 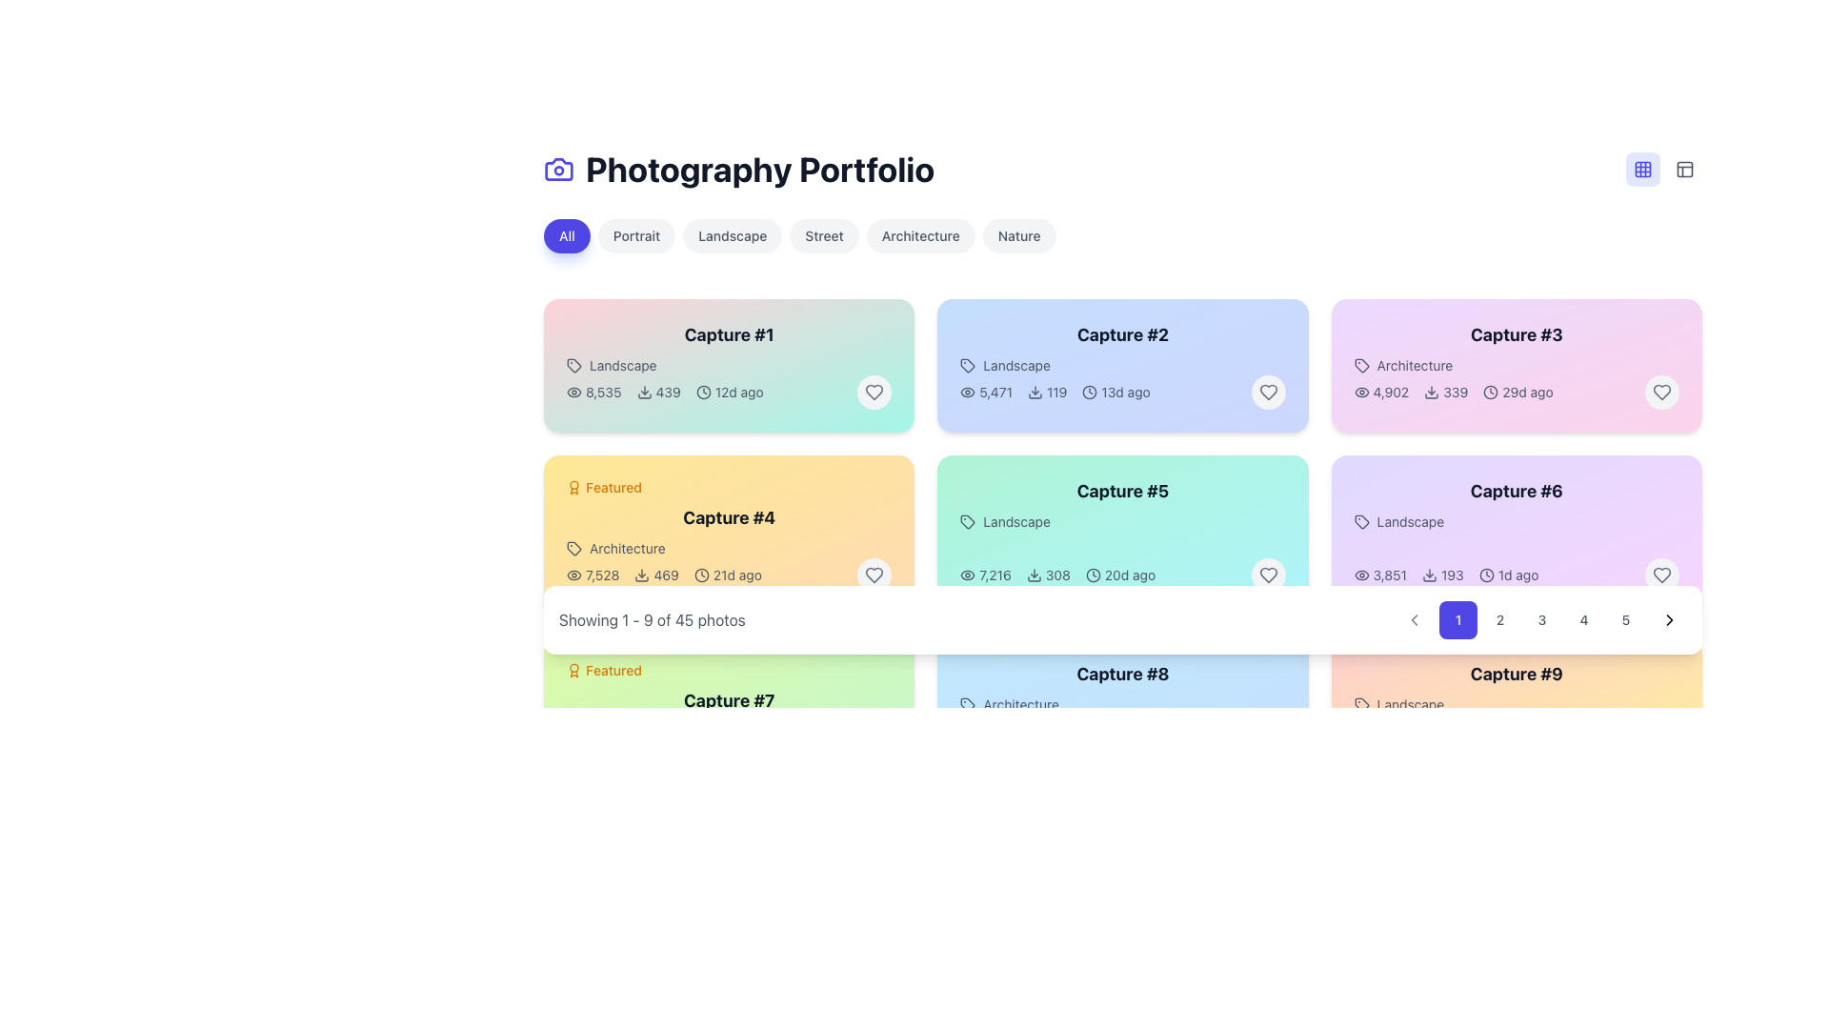 I want to click on the title and sub-caption text block in the top-right corner of the third card in the grid layout of the 'Photography Portfolio' interface to trigger visual effects, so click(x=1516, y=349).